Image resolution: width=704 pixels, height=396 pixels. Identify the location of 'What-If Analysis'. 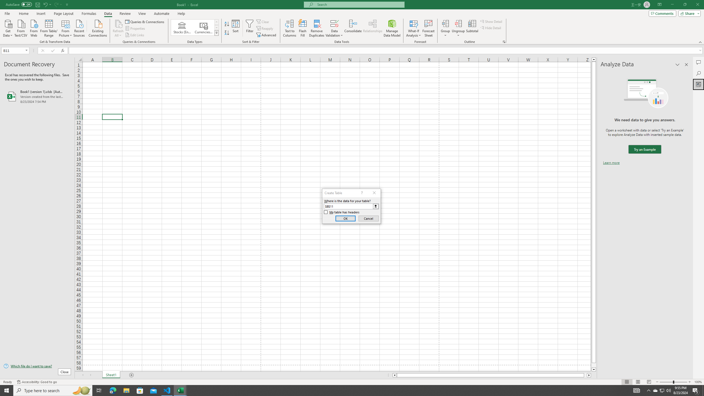
(414, 28).